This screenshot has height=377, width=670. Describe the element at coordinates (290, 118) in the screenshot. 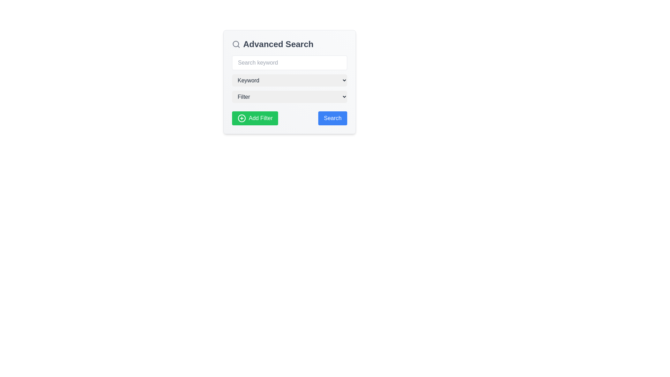

I see `the inactive spacer area located between the 'Add Filter' button and the 'Search' button in the Advanced Search section` at that location.